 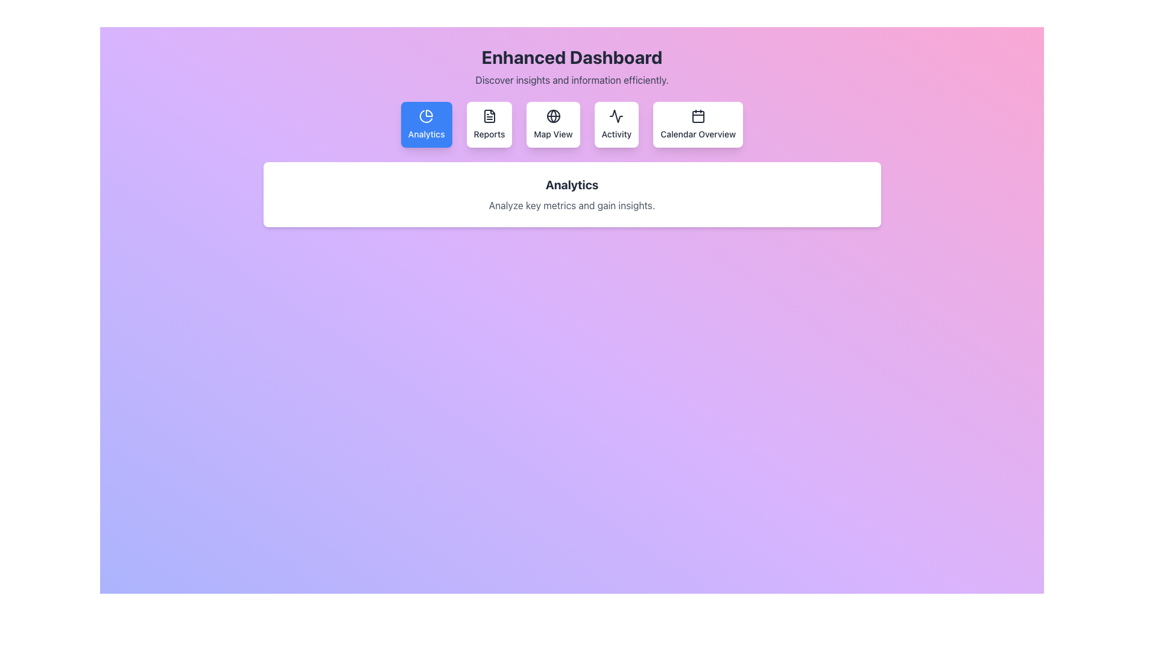 I want to click on the text block containing the header 'Analytics' and subheader 'Analyze key metrics and gain insights', which is centered within a white background box beneath a row of navigation icons, so click(x=571, y=194).